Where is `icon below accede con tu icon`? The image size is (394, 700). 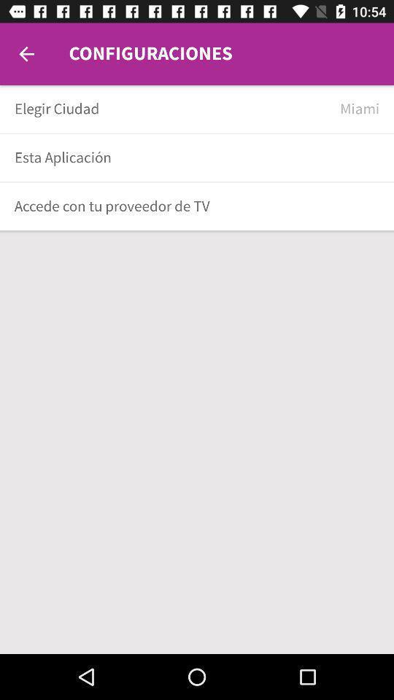 icon below accede con tu icon is located at coordinates (197, 232).